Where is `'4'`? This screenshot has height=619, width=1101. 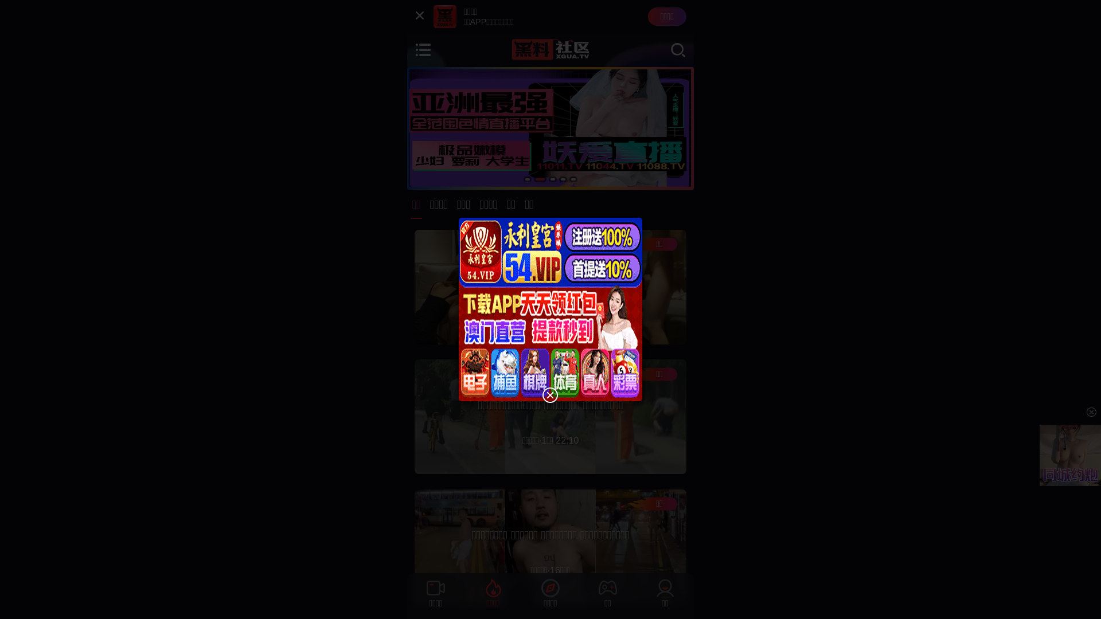 '4' is located at coordinates (563, 179).